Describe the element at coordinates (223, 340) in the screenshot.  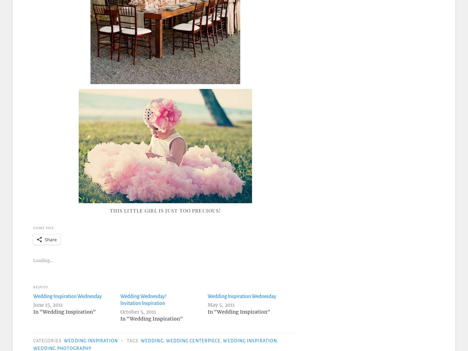
I see `'wedding inspiration'` at that location.